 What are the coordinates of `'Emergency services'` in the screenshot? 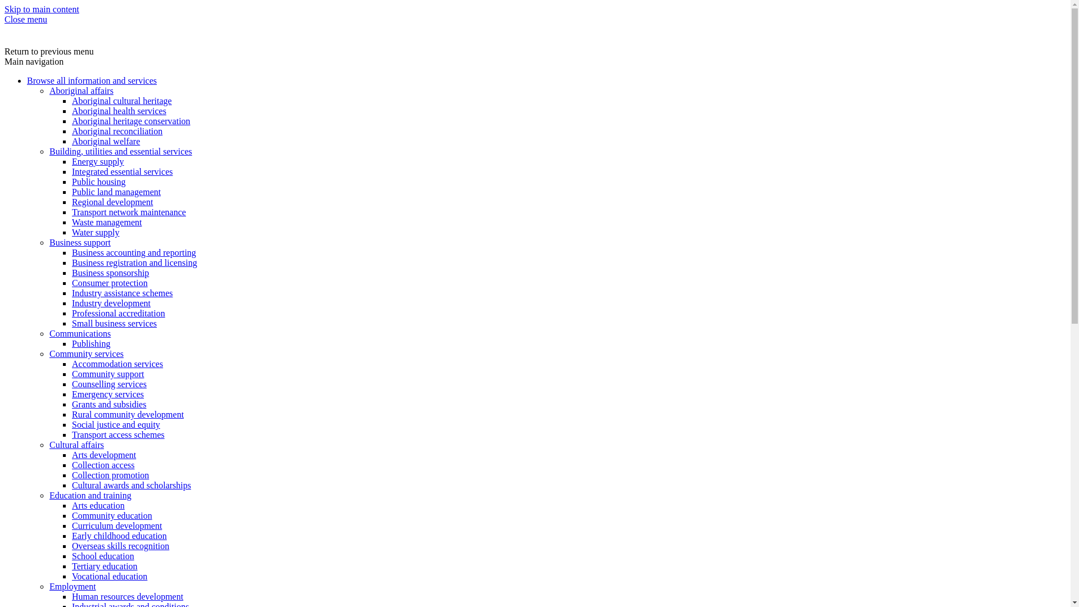 It's located at (108, 393).